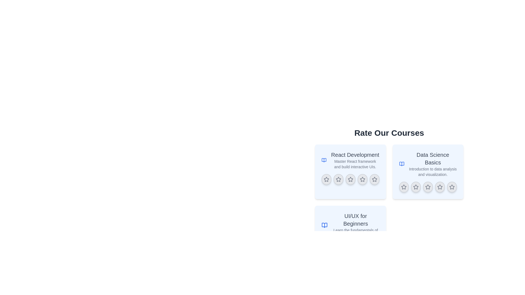 This screenshot has height=295, width=525. What do you see at coordinates (362, 179) in the screenshot?
I see `the fourth star icon in the 'React Development' course rating section` at bounding box center [362, 179].